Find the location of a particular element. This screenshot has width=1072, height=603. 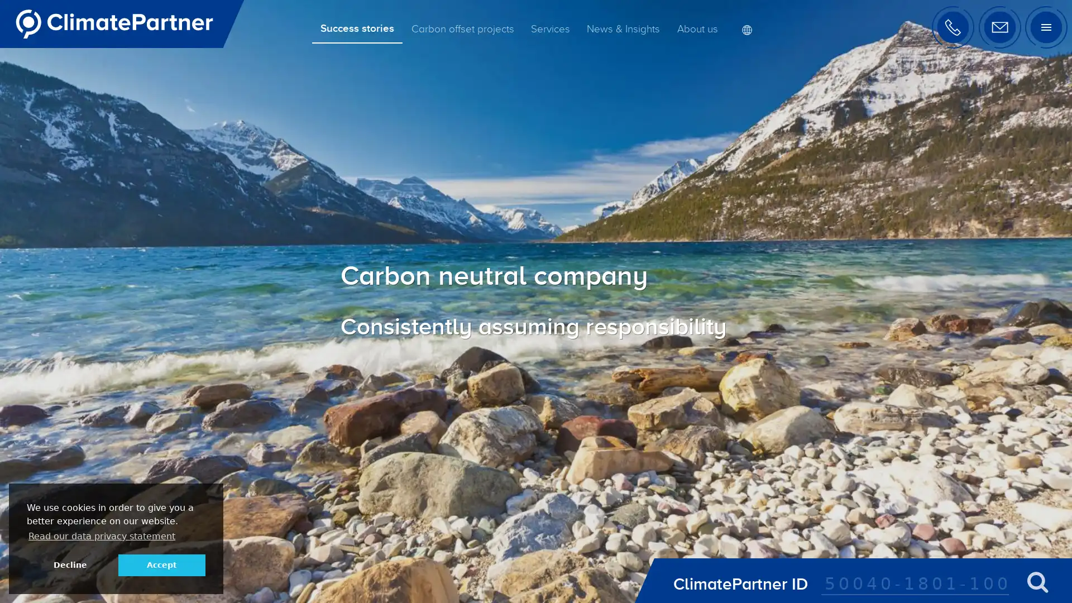

allow cookies is located at coordinates (161, 564).